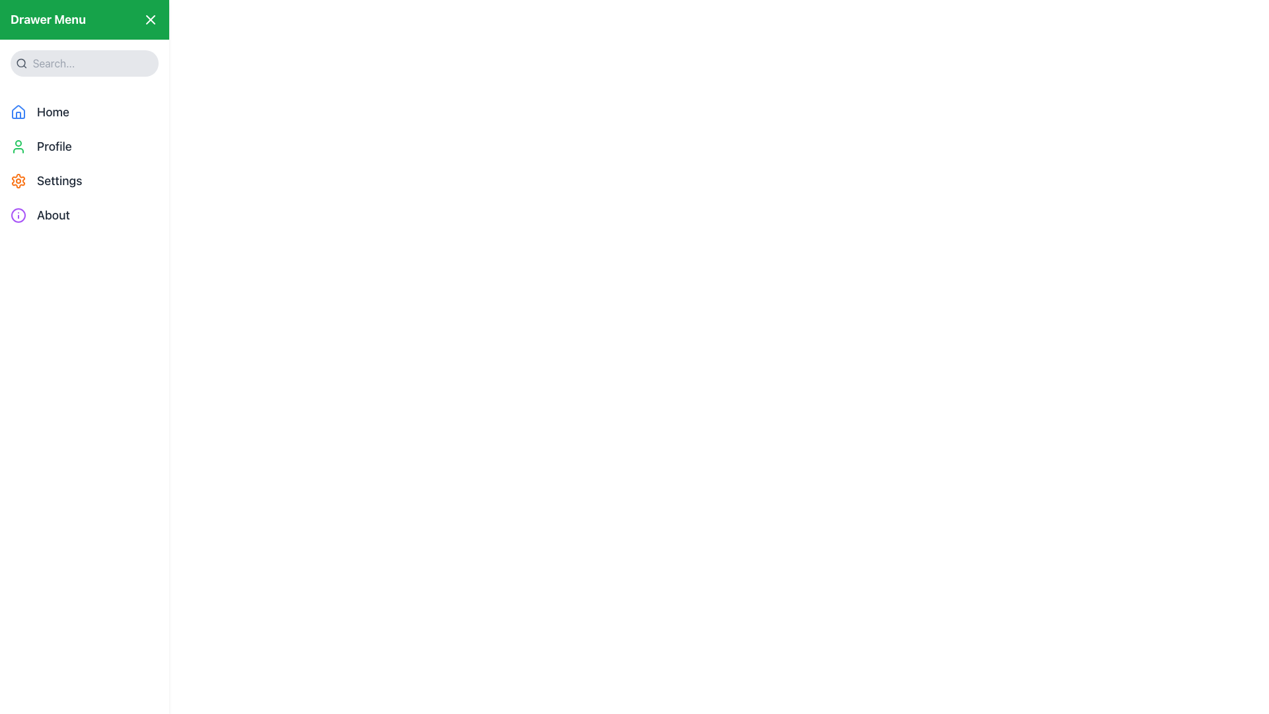 The width and height of the screenshot is (1269, 714). I want to click on the decorative circle element next to the 'About' menu item in the vertical menu layout, so click(19, 215).